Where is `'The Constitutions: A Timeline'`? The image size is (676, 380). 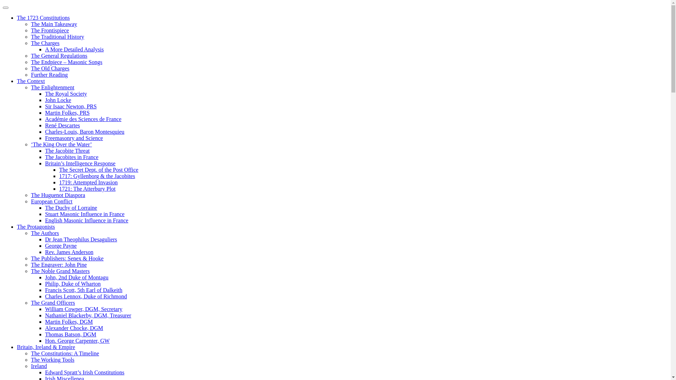
'The Constitutions: A Timeline' is located at coordinates (65, 353).